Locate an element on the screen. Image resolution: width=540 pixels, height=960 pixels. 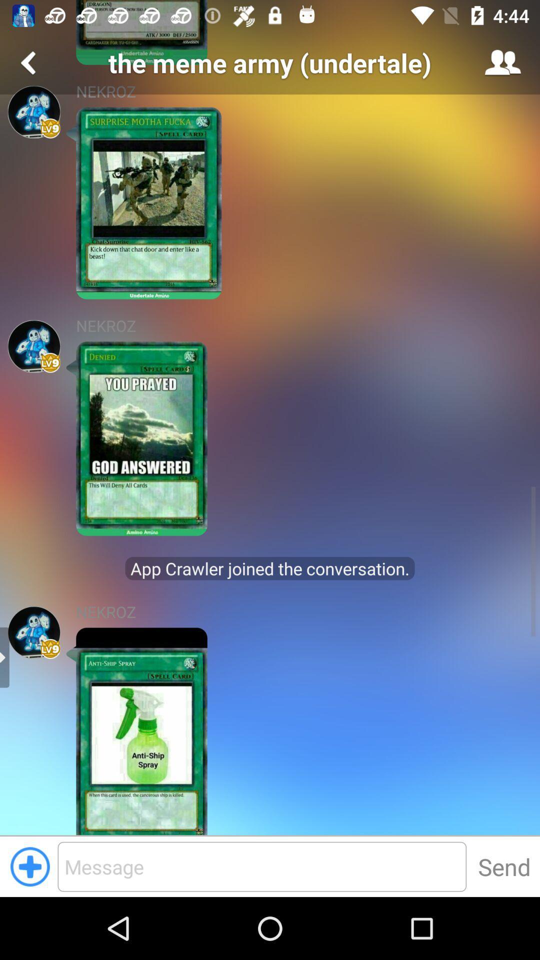
the icon at the top right corner is located at coordinates (503, 62).